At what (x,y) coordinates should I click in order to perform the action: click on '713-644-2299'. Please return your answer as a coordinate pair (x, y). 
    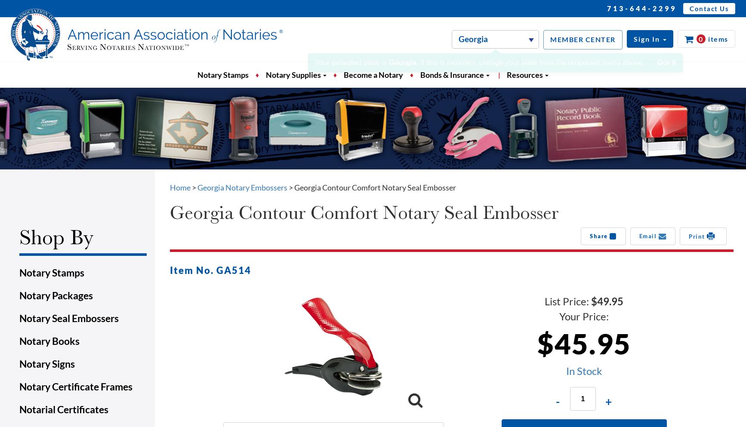
    Looking at the image, I should click on (641, 8).